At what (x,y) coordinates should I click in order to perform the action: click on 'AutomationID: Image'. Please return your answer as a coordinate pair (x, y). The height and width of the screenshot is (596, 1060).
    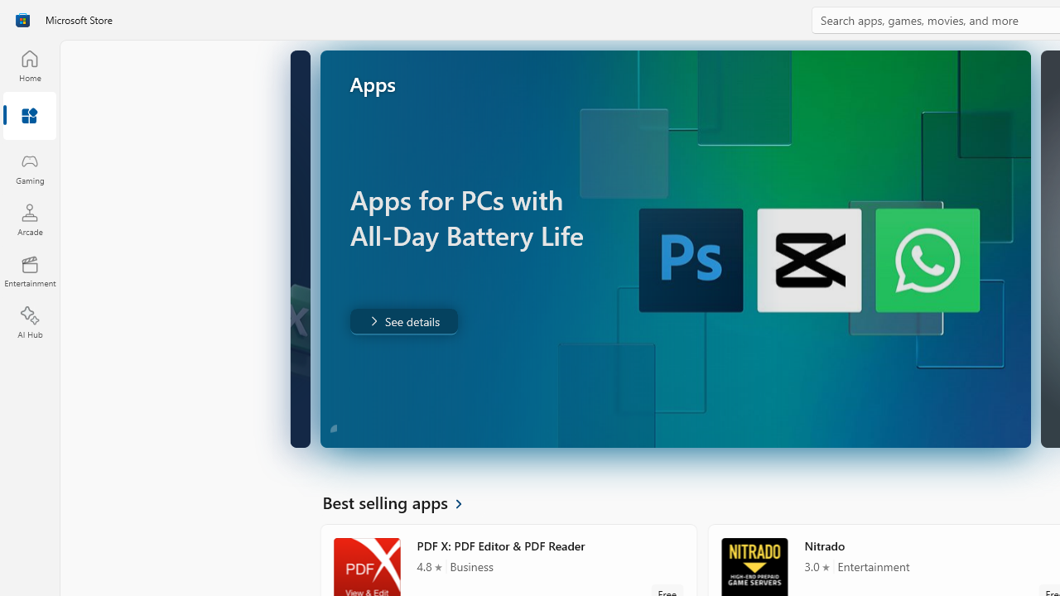
    Looking at the image, I should click on (675, 248).